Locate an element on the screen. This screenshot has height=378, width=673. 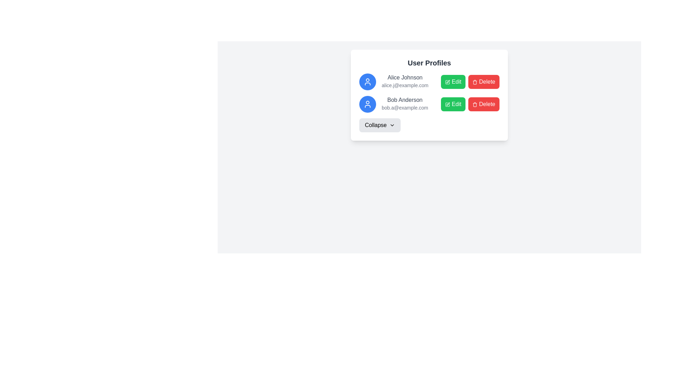
the delete button located in the second row of the user profiles section, to the immediate right of 'Bob Anderson's' Edit button, to initiate a delete action is located at coordinates (483, 104).